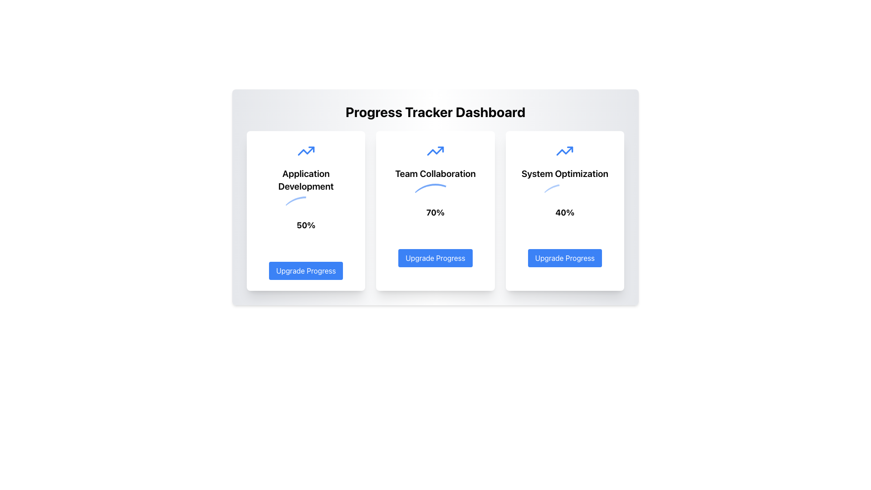 This screenshot has width=871, height=490. What do you see at coordinates (306, 225) in the screenshot?
I see `the circular progress indicator styled` at bounding box center [306, 225].